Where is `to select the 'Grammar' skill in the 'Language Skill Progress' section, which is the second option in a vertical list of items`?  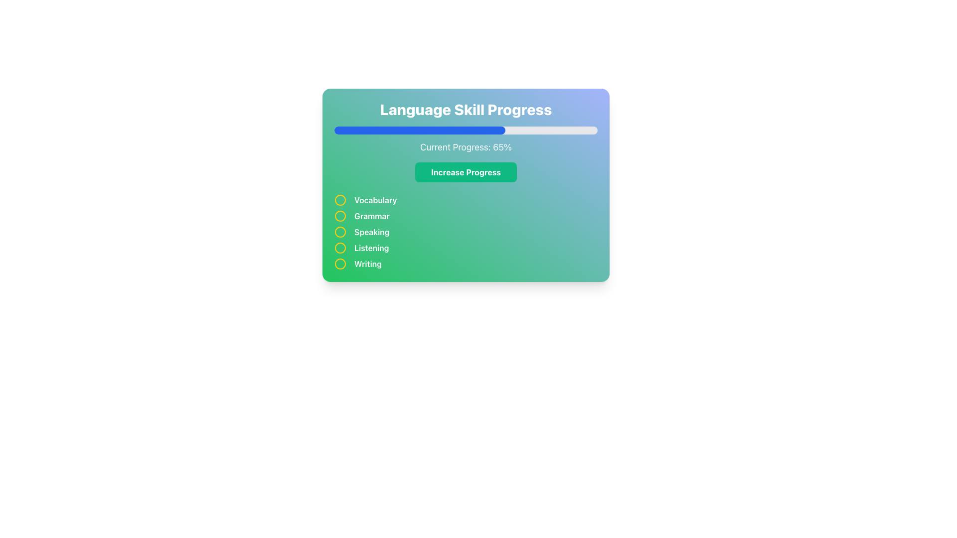 to select the 'Grammar' skill in the 'Language Skill Progress' section, which is the second option in a vertical list of items is located at coordinates (466, 216).